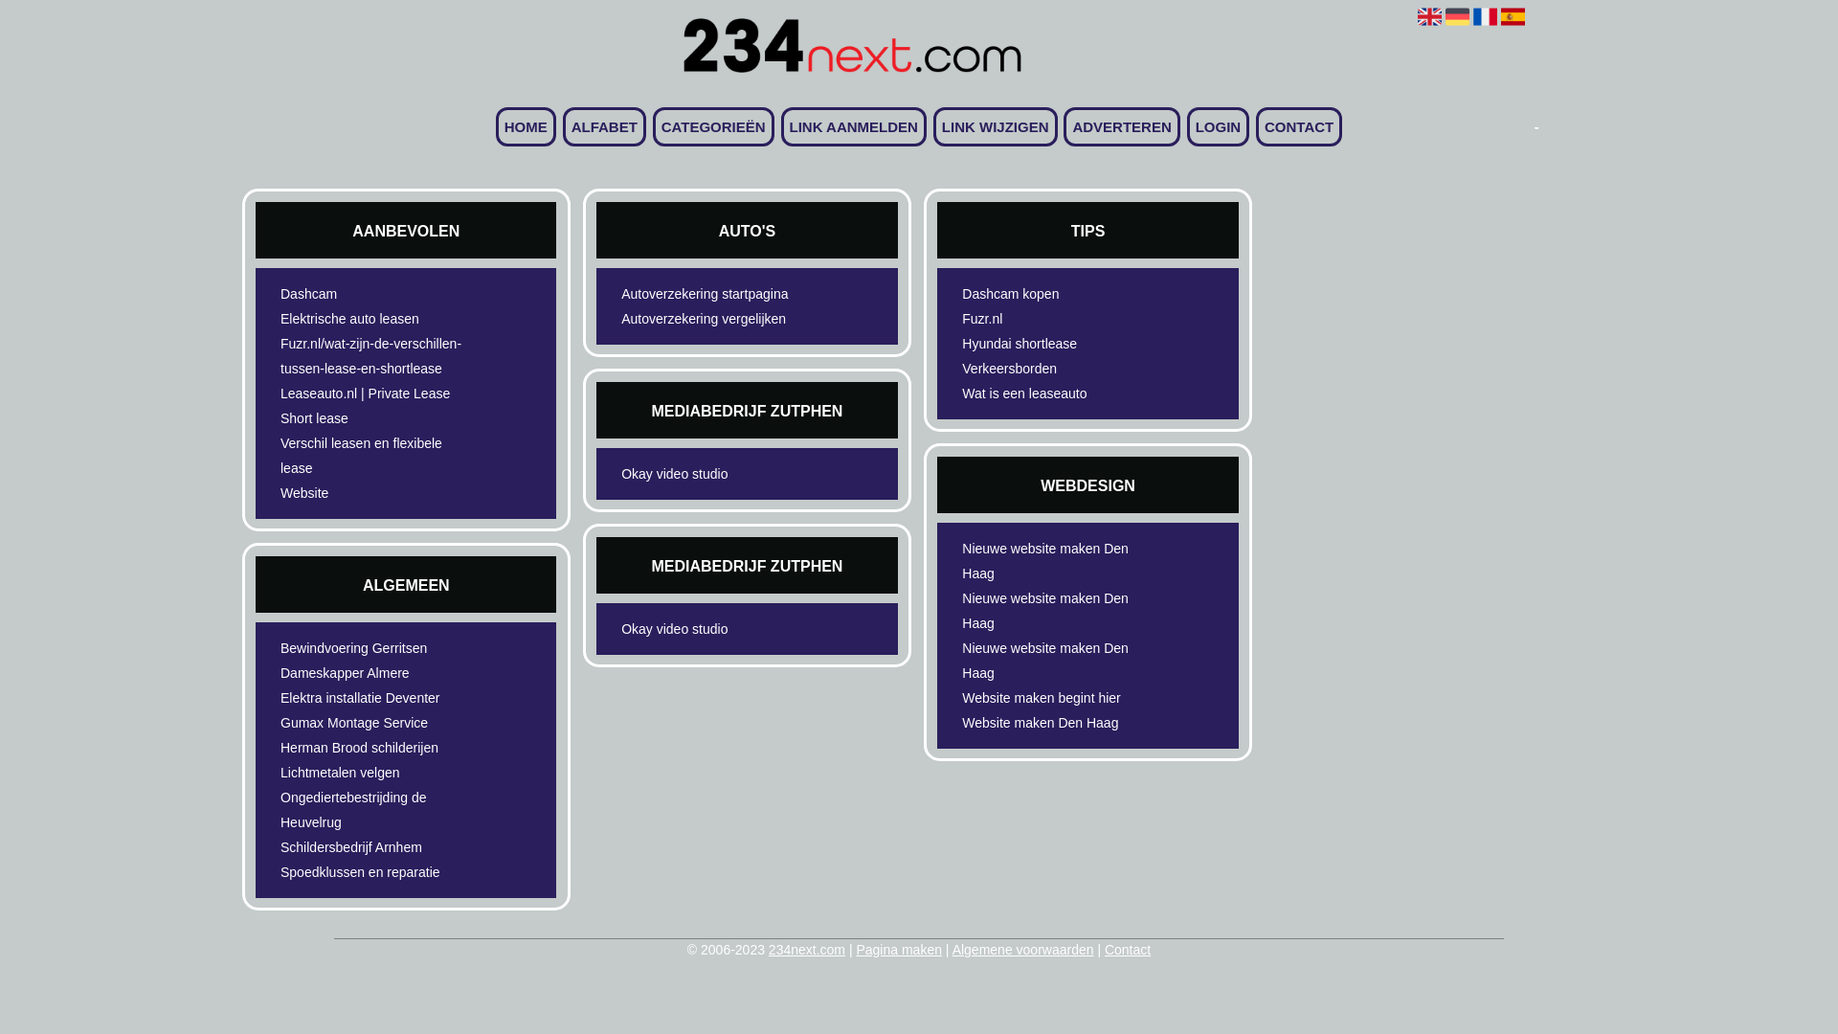  Describe the element at coordinates (372, 698) in the screenshot. I see `'Elektra installatie Deventer'` at that location.